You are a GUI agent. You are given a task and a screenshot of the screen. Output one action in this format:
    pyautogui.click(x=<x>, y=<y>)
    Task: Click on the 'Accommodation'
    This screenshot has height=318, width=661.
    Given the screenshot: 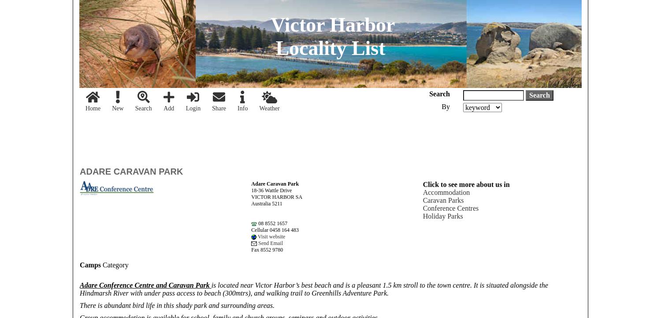 What is the action you would take?
    pyautogui.click(x=446, y=192)
    